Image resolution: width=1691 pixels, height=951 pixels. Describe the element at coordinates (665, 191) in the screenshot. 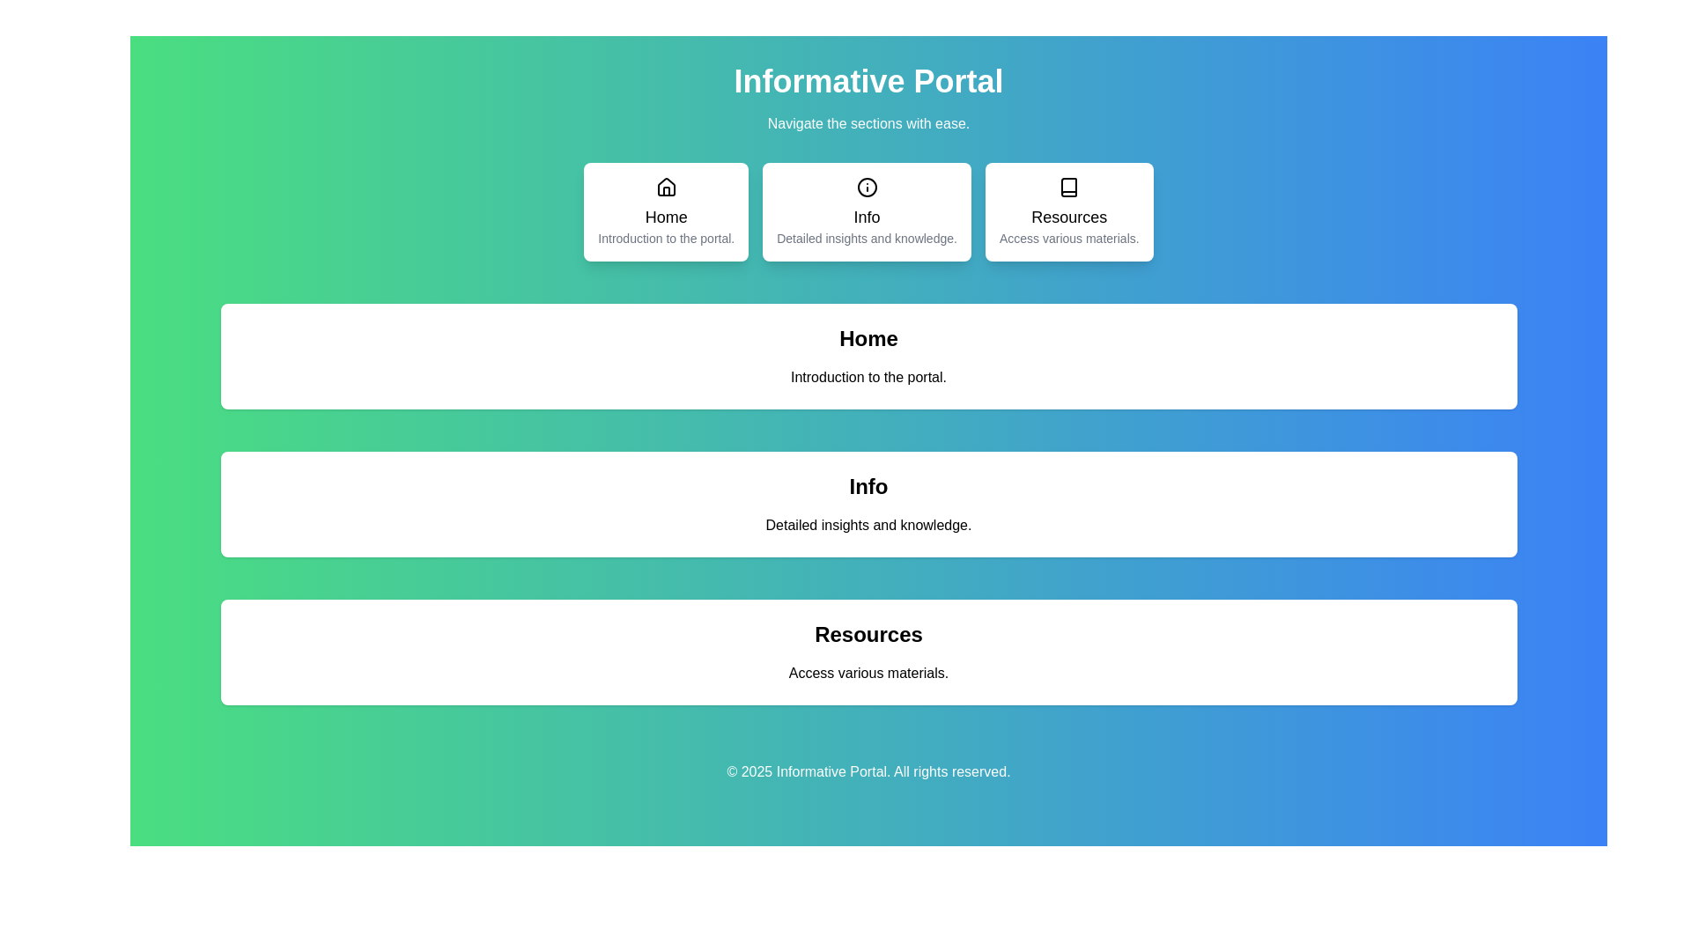

I see `the vertical bar representing the door within the house-shaped icon, which is the first icon in the top navigation bar` at that location.